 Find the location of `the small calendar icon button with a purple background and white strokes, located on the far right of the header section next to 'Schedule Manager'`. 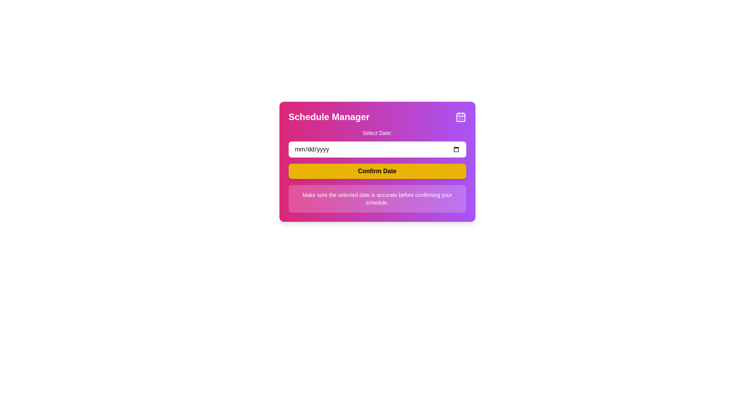

the small calendar icon button with a purple background and white strokes, located on the far right of the header section next to 'Schedule Manager' is located at coordinates (460, 117).